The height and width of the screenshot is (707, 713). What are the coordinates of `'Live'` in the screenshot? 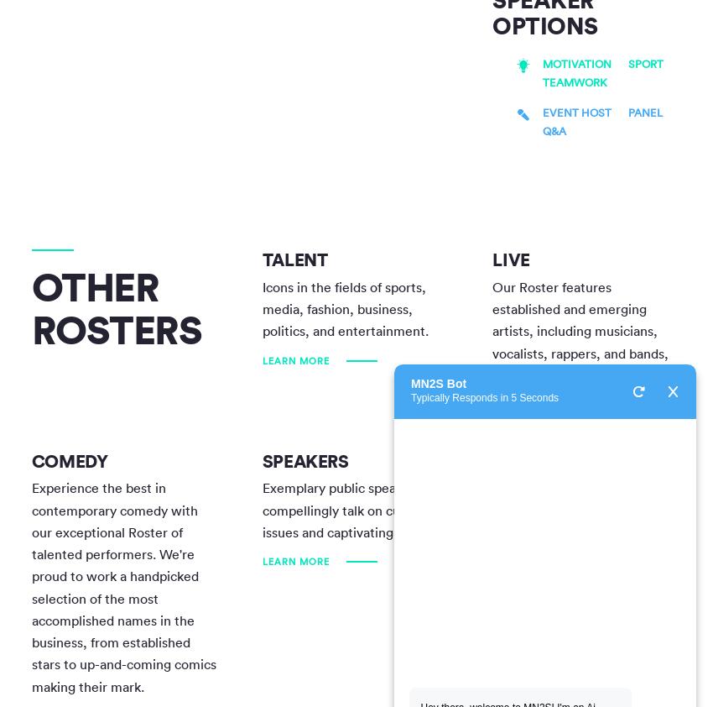 It's located at (510, 259).